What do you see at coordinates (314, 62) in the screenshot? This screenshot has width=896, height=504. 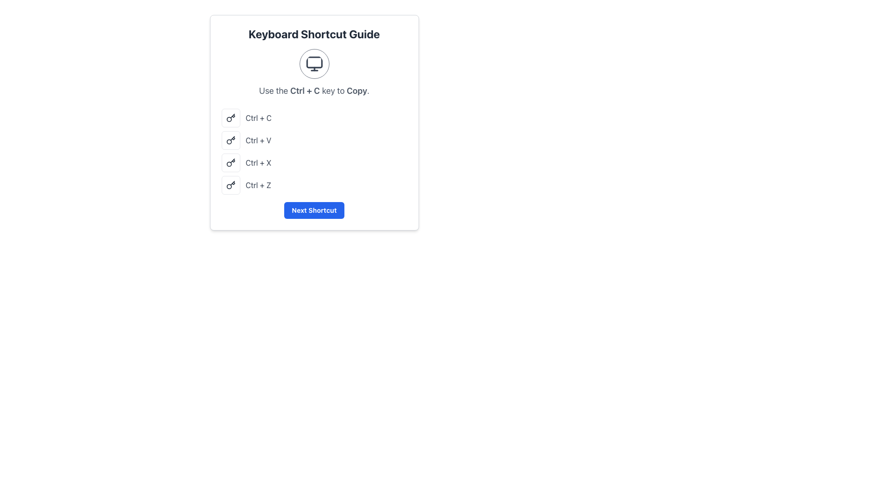 I see `the decorative graphic element that symbolizes a monitor, positioned at the top center of the interface within a circular border` at bounding box center [314, 62].